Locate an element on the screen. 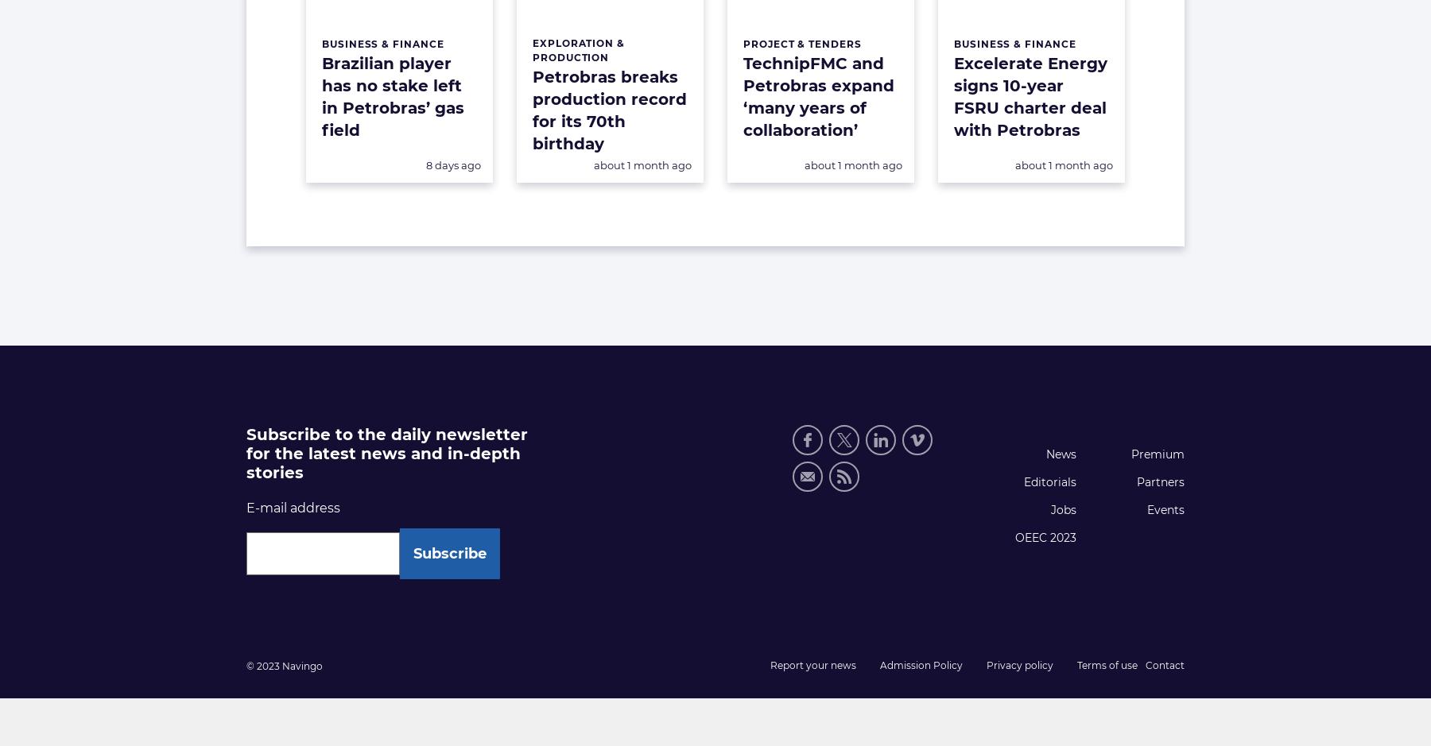 The image size is (1431, 746). '8 days ago' is located at coordinates (453, 163).